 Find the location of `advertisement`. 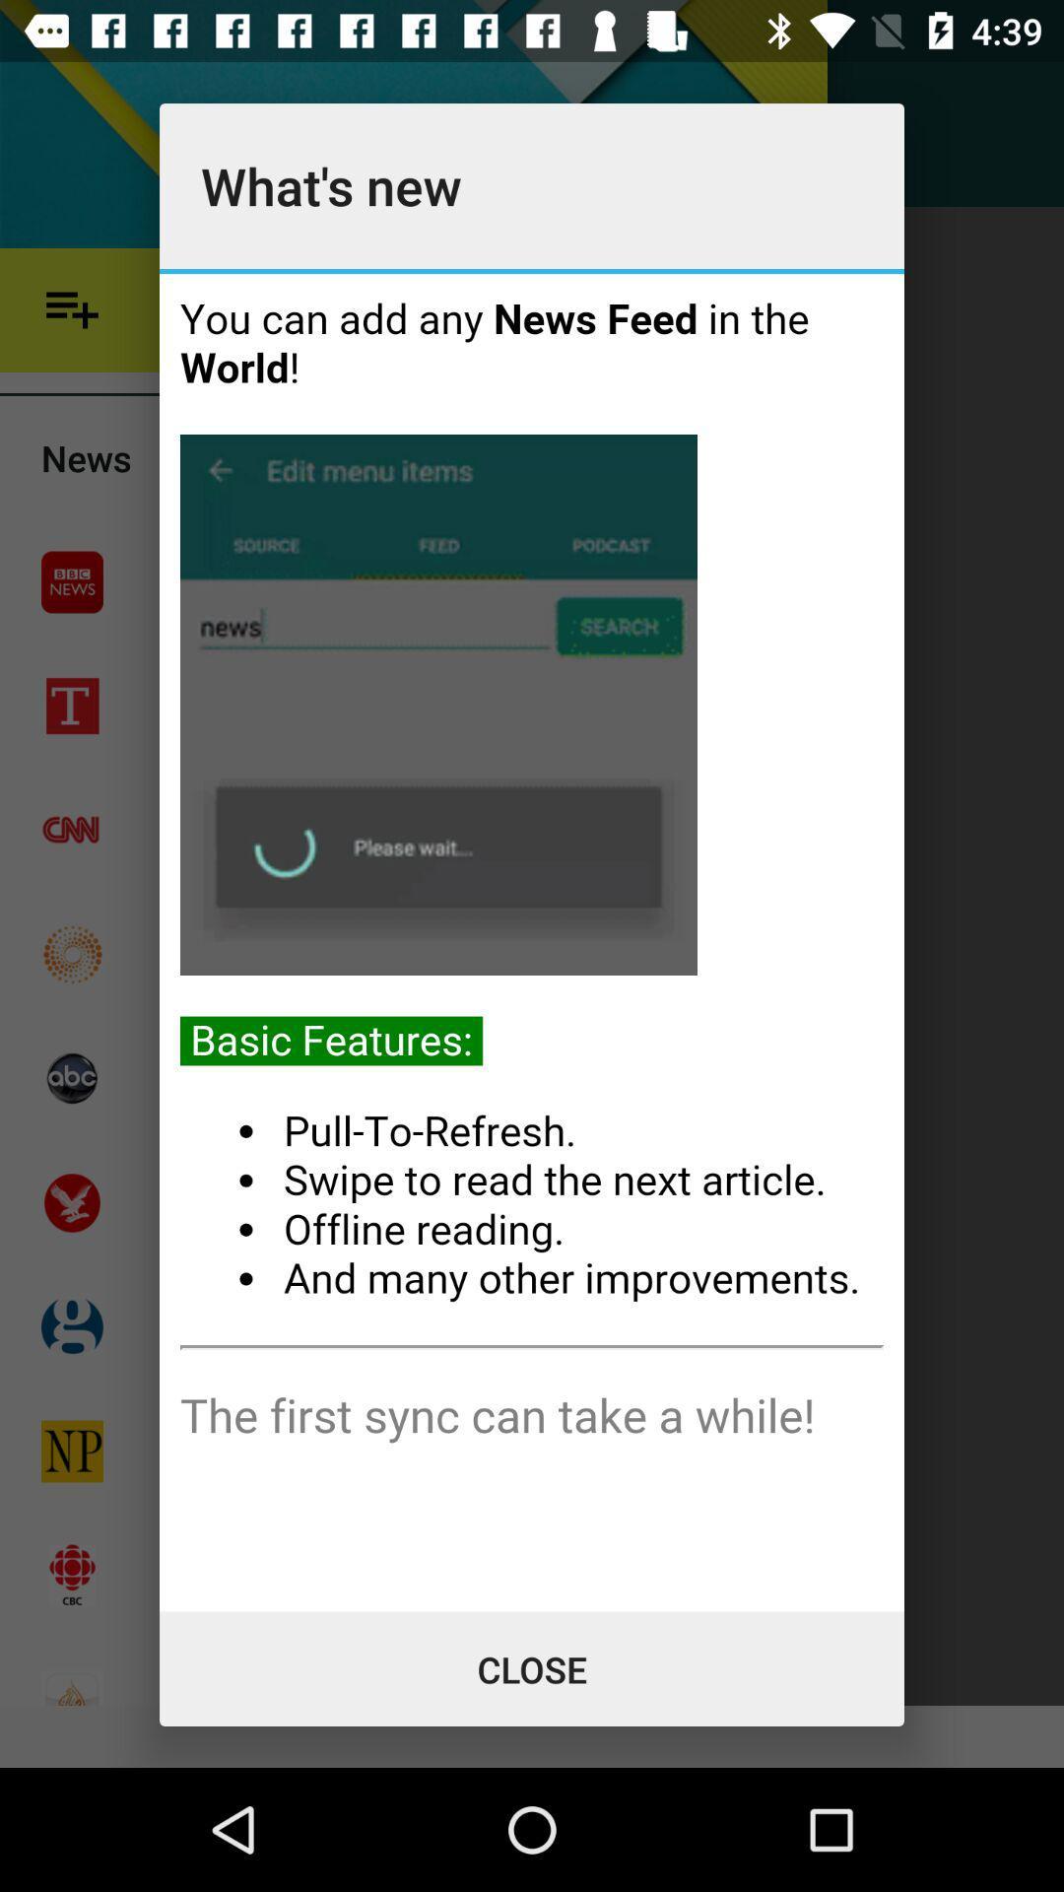

advertisement is located at coordinates (532, 941).